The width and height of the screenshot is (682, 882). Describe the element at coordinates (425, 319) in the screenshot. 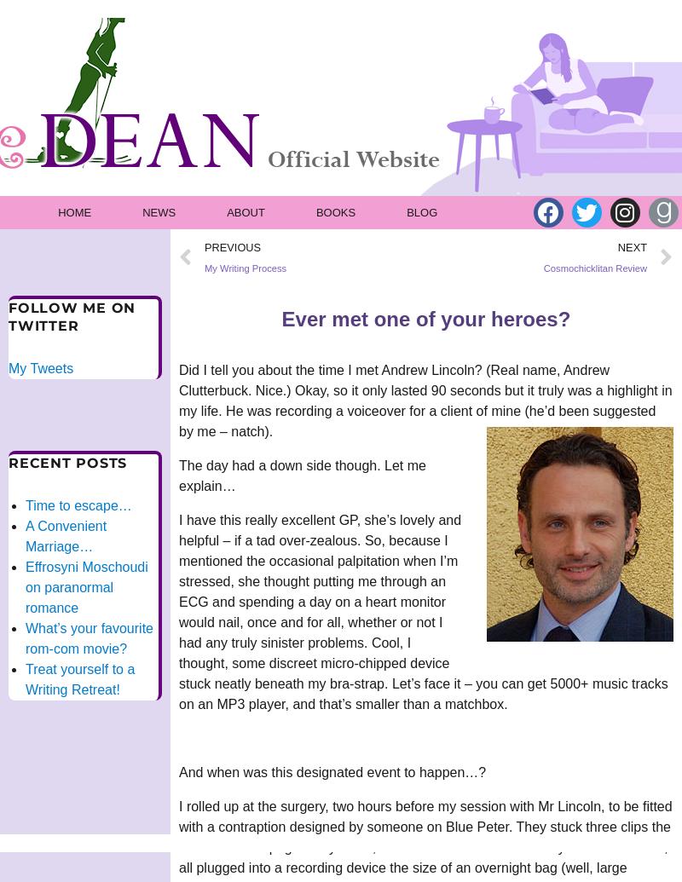

I see `'Ever met one of your heroes?'` at that location.